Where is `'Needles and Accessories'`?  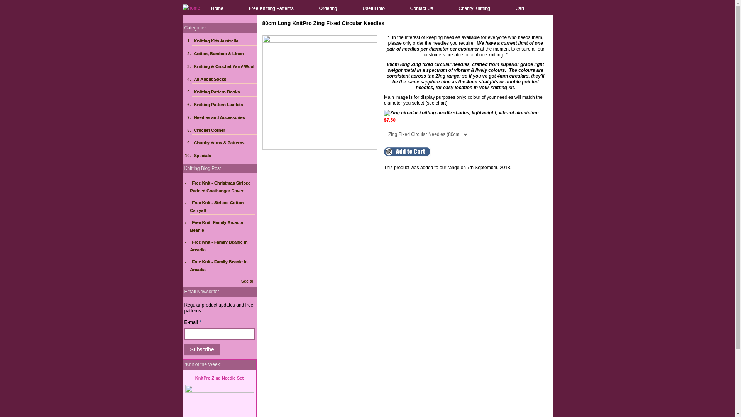 'Needles and Accessories' is located at coordinates (192, 117).